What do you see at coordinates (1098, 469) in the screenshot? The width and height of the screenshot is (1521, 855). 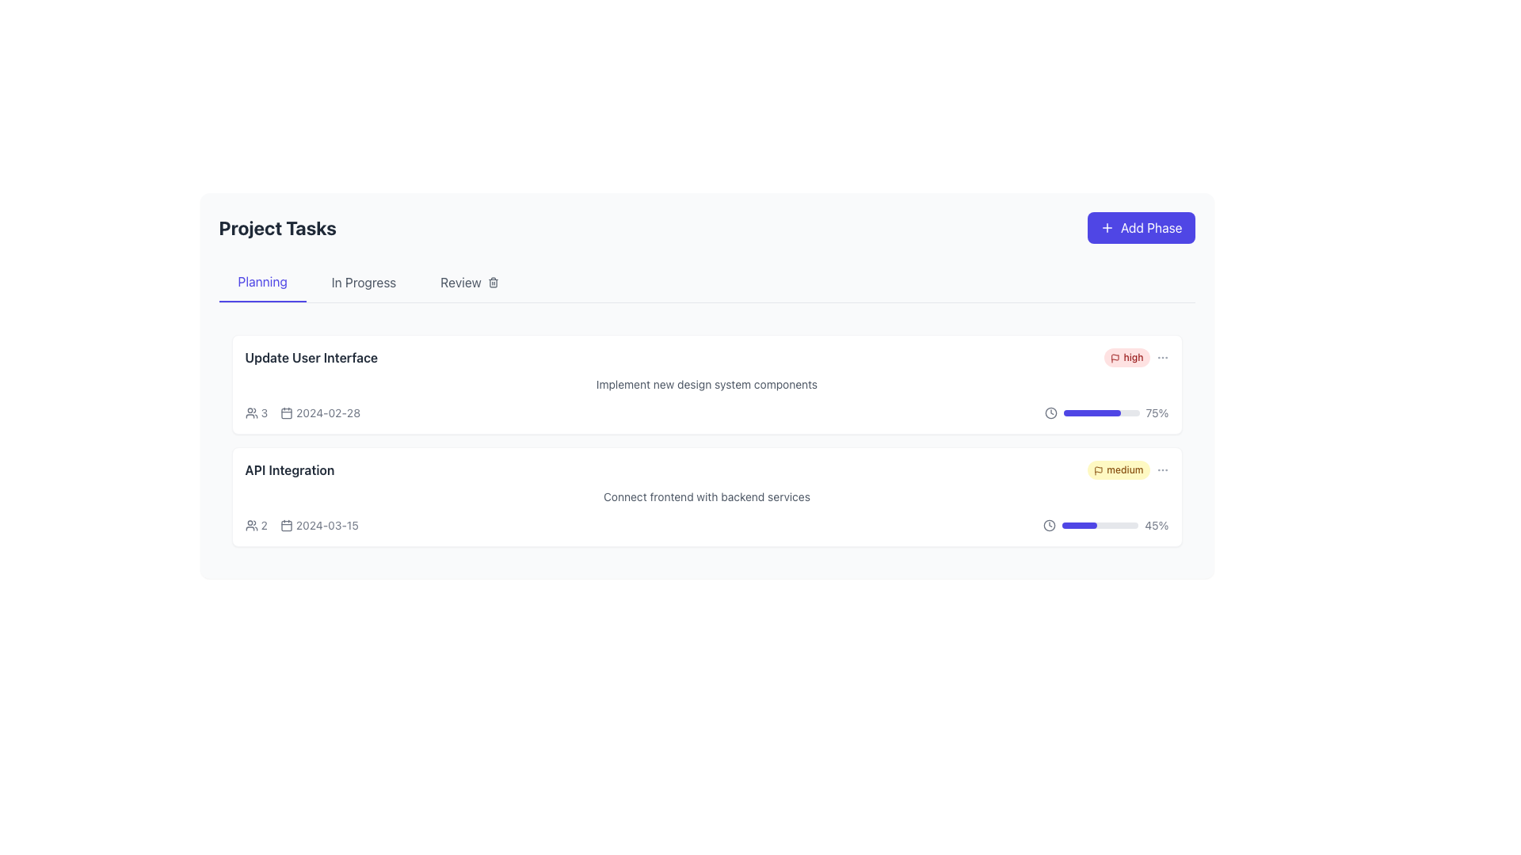 I see `the small flag icon styled in a minimalist manner, which is positioned inside a yellow badge labeled 'medium', located to the right of the 'API Integration' task row` at bounding box center [1098, 469].